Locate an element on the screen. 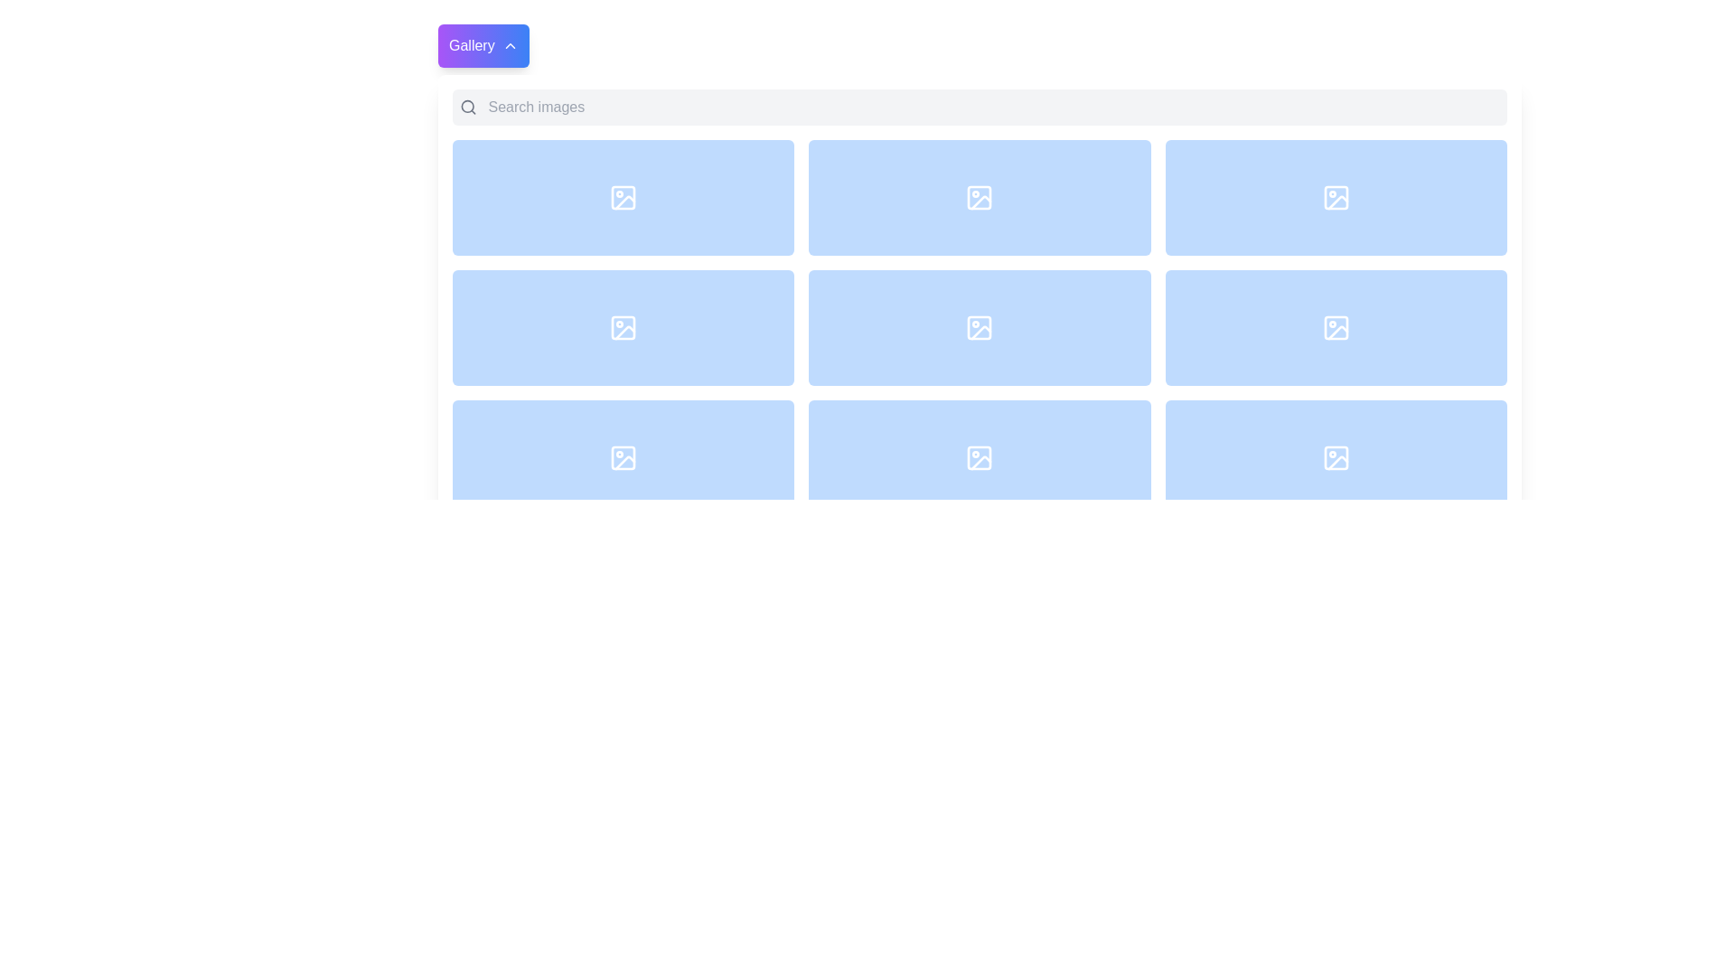  the small upward-facing chevron arrow icon located within the 'Gallery' button in the top-left corner of the interface is located at coordinates (509, 44).